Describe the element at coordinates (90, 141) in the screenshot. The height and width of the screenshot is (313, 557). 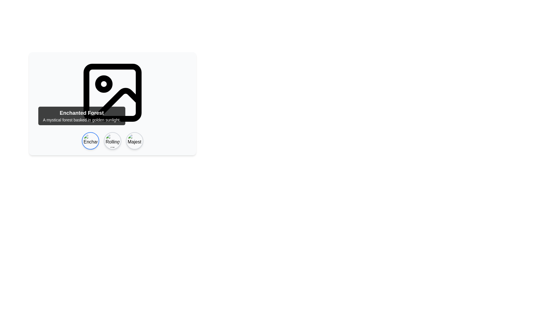
I see `the avatar image representing the first circular element below the title 'Enchanted Forest'` at that location.